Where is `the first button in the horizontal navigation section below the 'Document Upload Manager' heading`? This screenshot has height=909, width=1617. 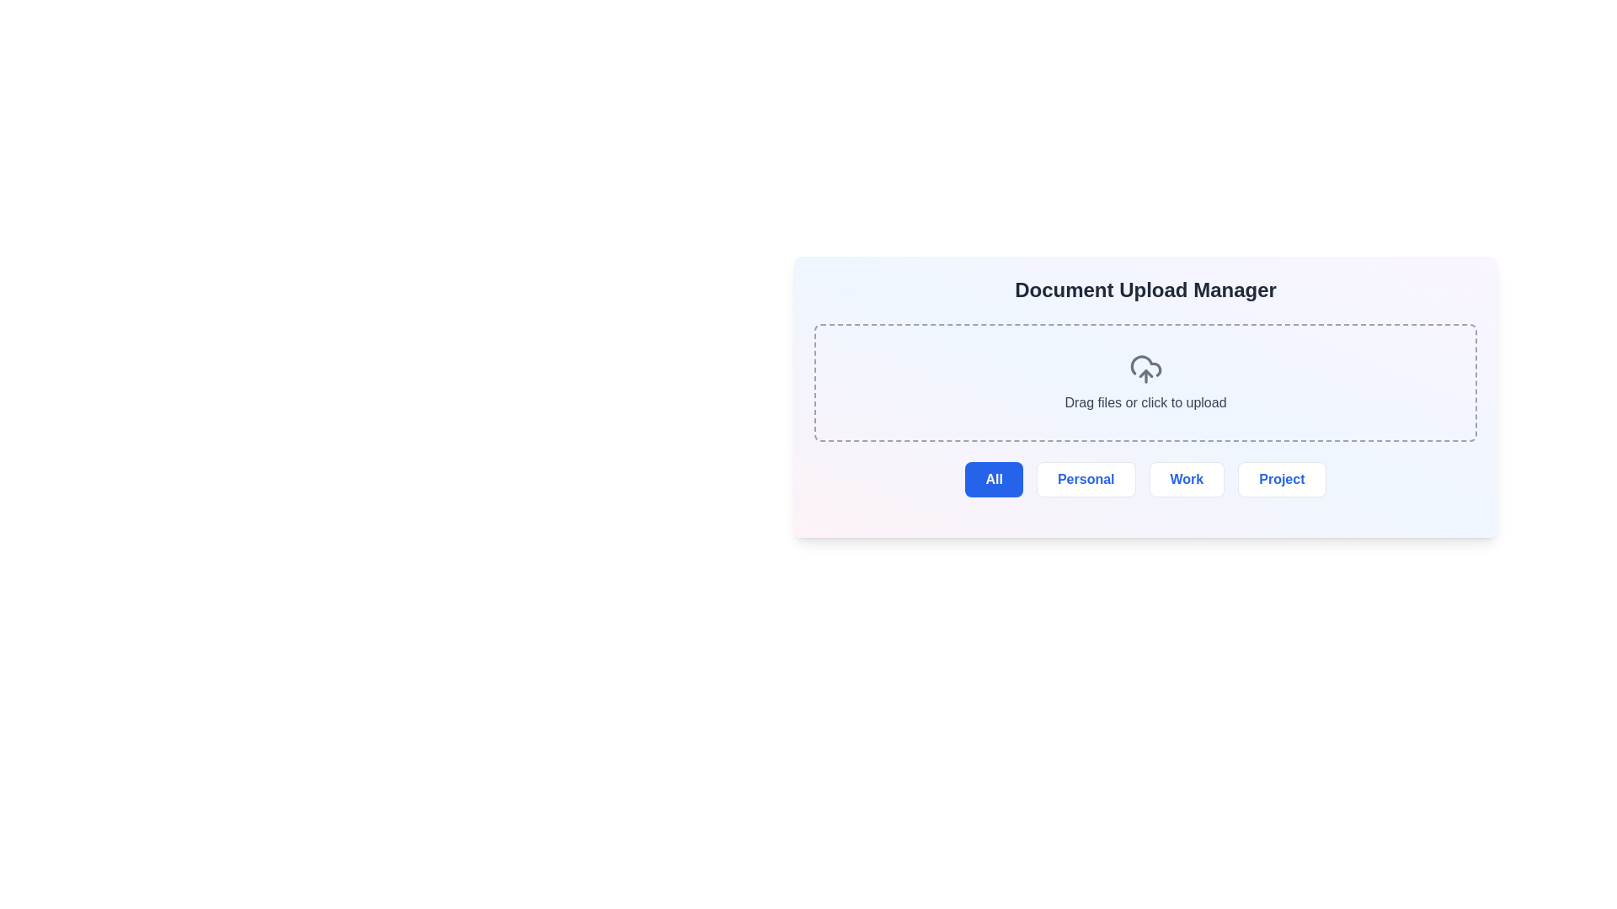 the first button in the horizontal navigation section below the 'Document Upload Manager' heading is located at coordinates (994, 480).